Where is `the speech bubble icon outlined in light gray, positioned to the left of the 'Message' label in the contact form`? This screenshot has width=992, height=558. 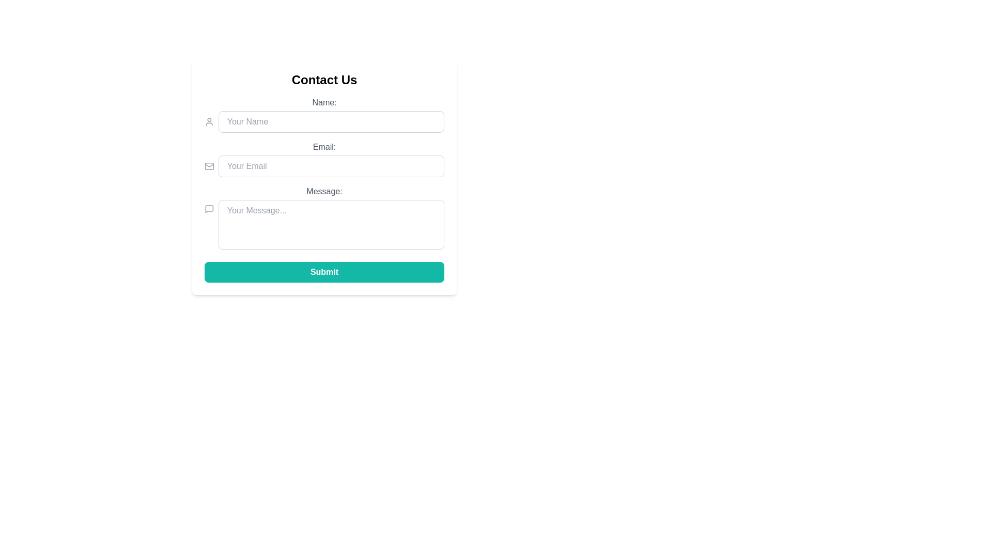 the speech bubble icon outlined in light gray, positioned to the left of the 'Message' label in the contact form is located at coordinates (209, 209).